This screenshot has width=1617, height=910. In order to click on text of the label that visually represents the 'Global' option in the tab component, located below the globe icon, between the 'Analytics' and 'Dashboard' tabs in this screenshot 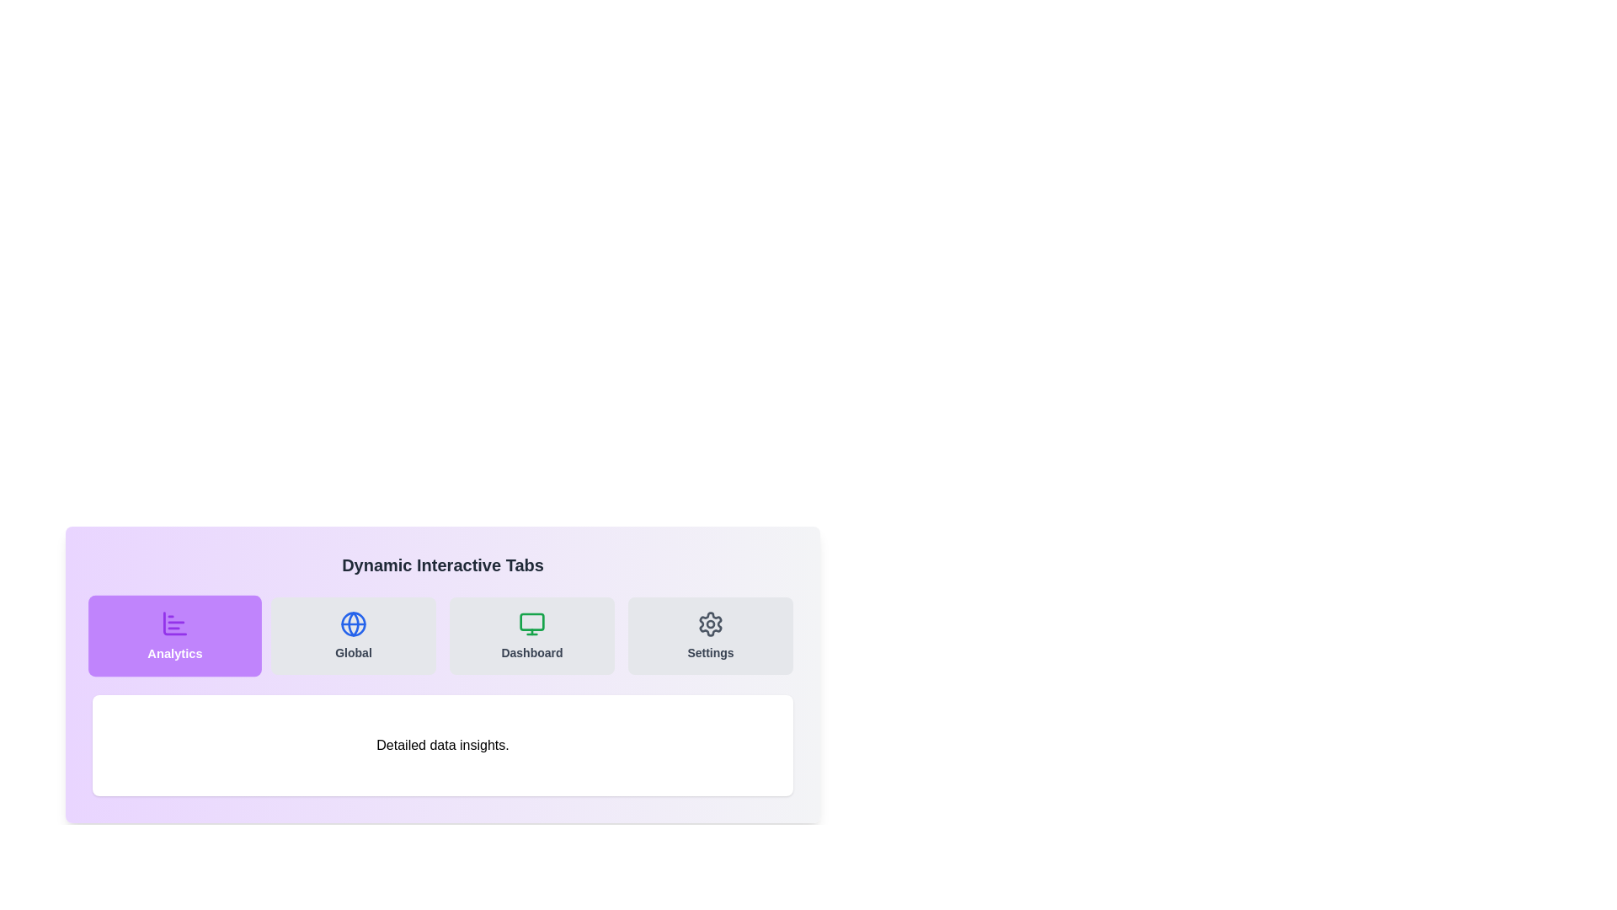, I will do `click(353, 652)`.